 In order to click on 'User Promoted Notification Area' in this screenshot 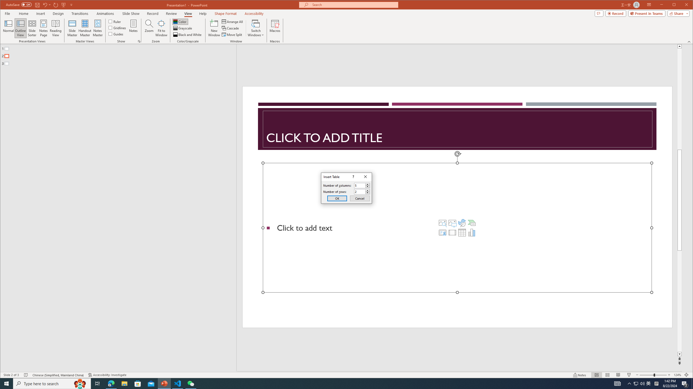, I will do `click(639, 383)`.